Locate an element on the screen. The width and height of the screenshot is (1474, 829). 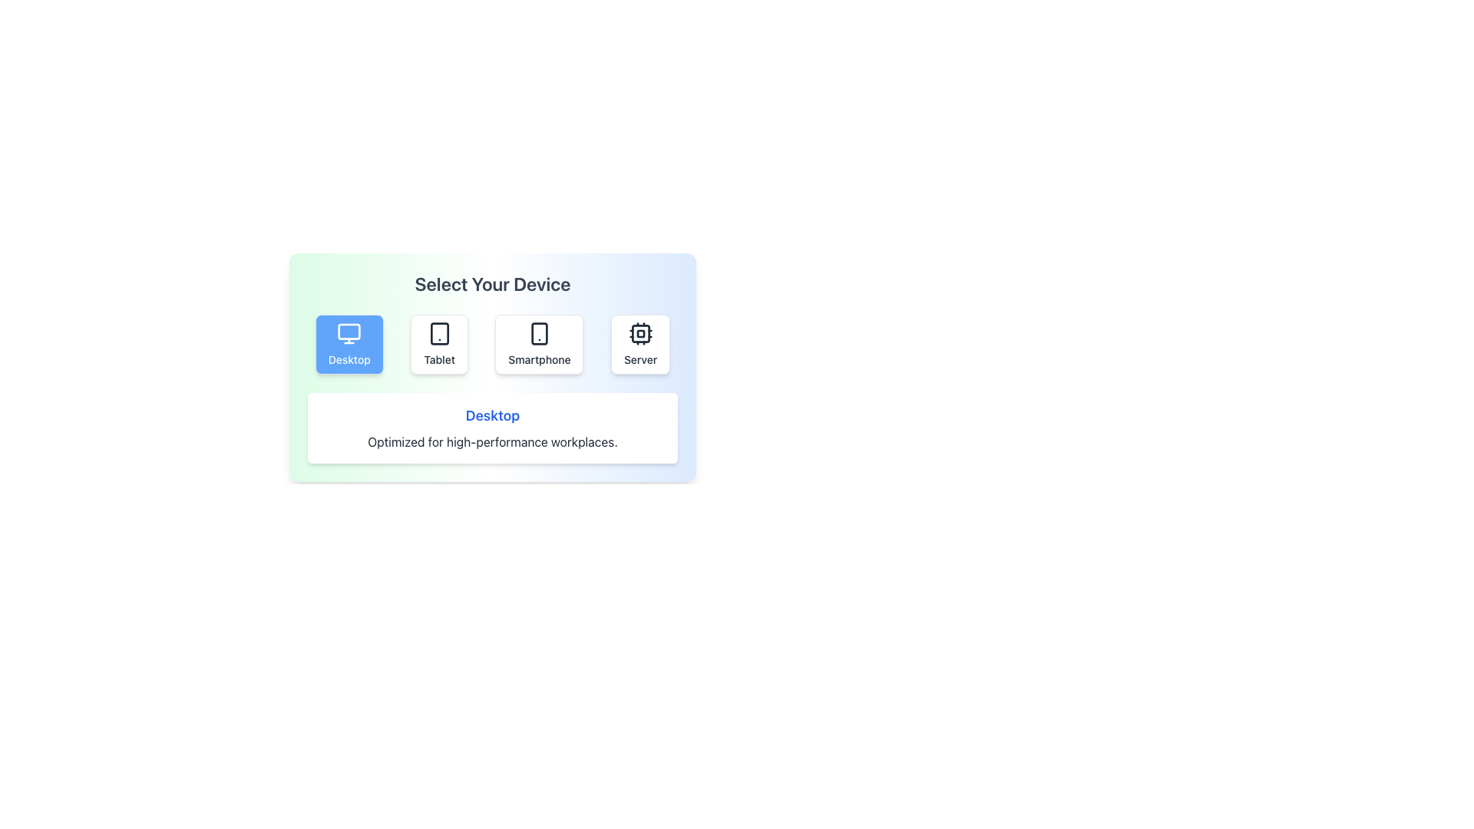
the outermost square-shaped graphic with rounded corners in the CPU icon located in the 'Select Your Device' interface to the right of the 'Server' option is located at coordinates (640, 333).